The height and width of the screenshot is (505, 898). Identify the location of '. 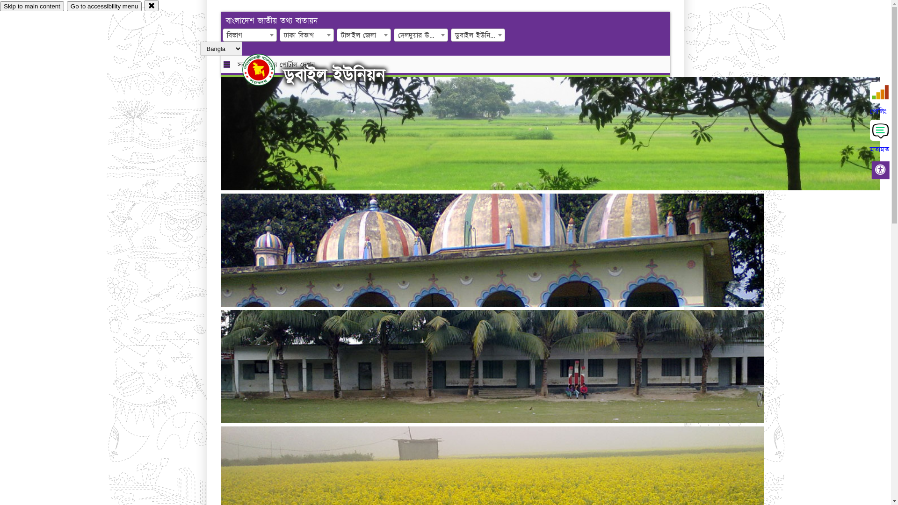
(242, 69).